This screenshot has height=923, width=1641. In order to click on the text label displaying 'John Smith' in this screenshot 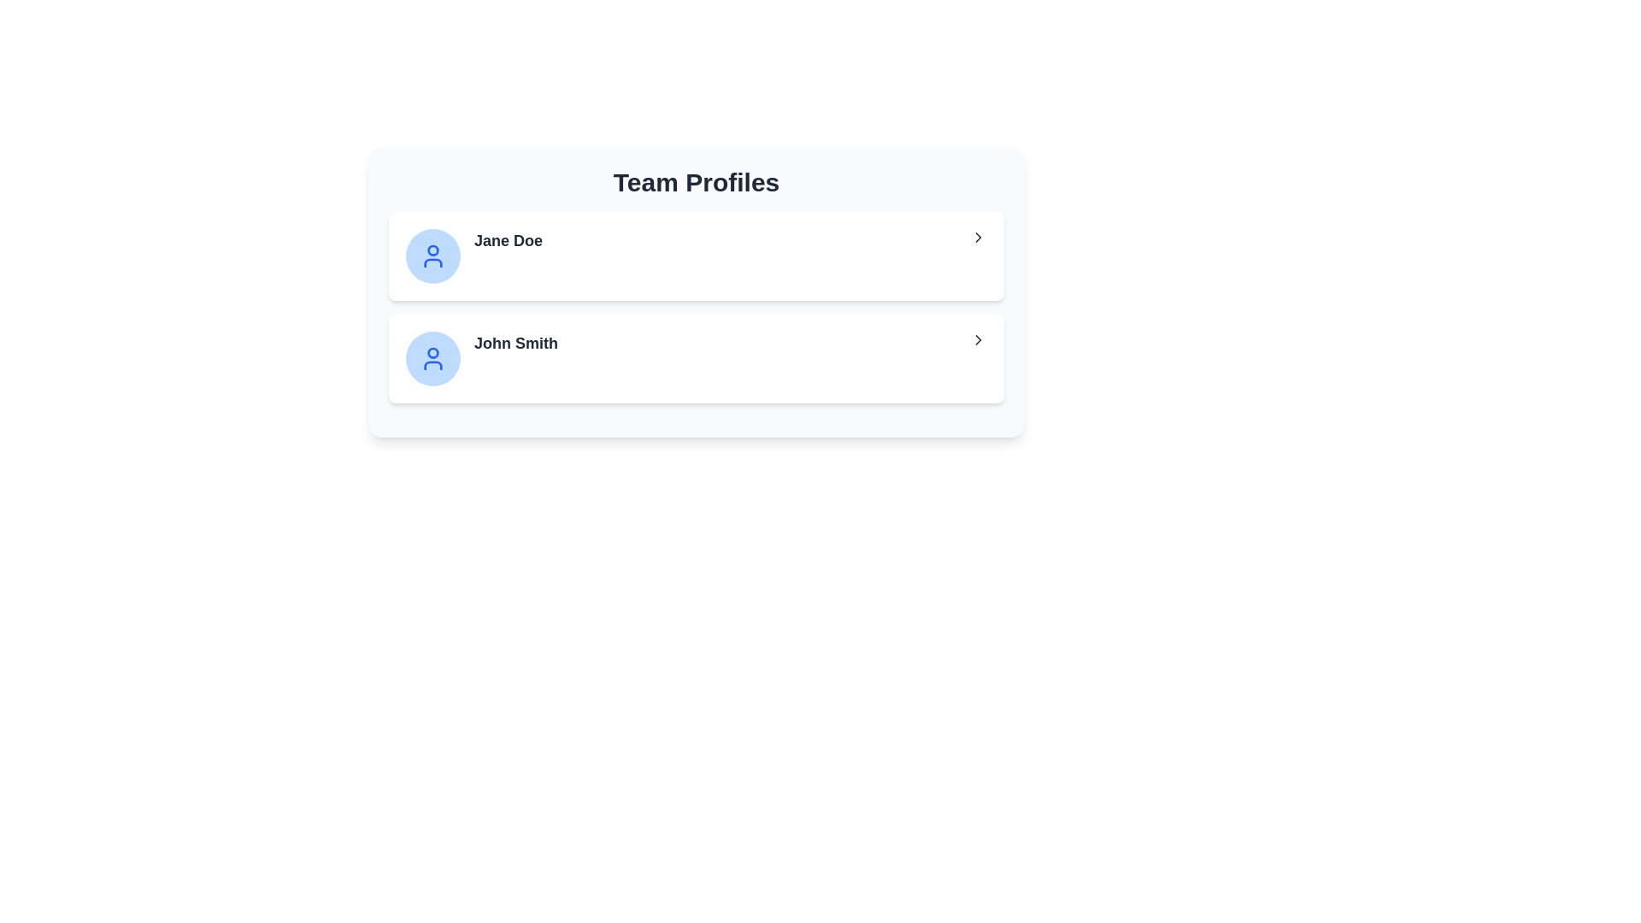, I will do `click(515, 343)`.